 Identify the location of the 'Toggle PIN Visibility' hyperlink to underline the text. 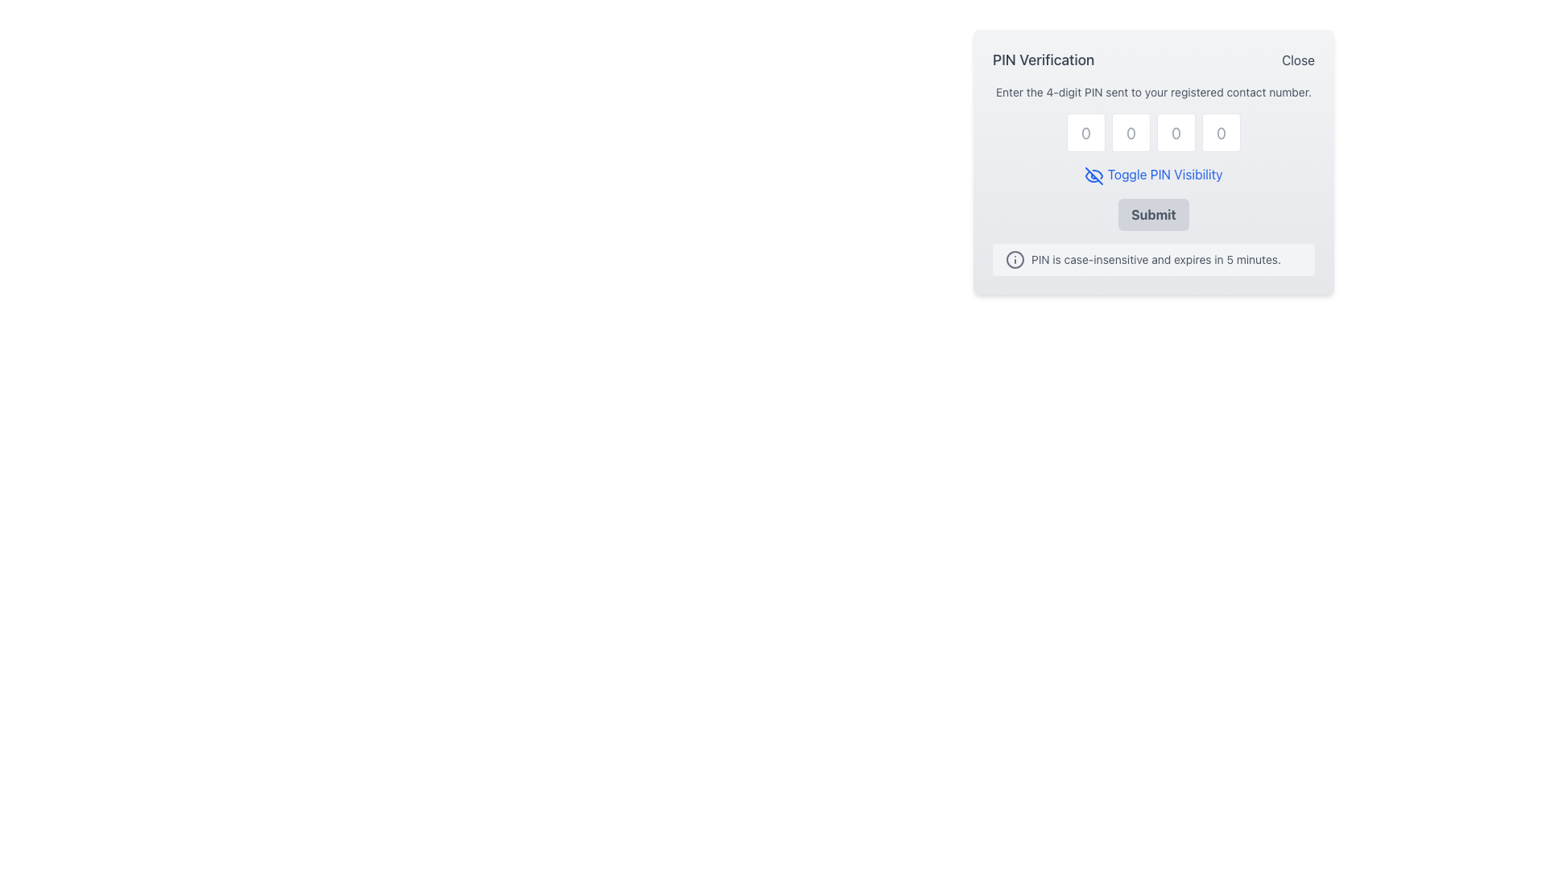
(1152, 175).